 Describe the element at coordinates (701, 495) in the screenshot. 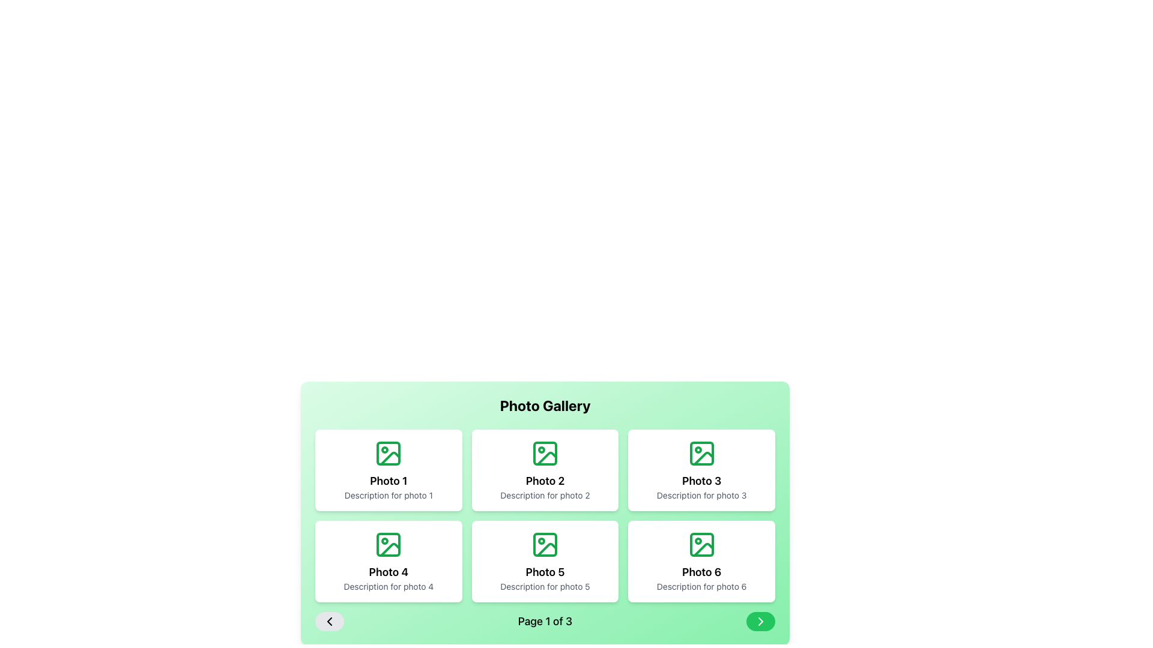

I see `the text label displaying 'Description for photo 3', which is positioned below the 'Photo 3' label in the top-right card of the grid` at that location.